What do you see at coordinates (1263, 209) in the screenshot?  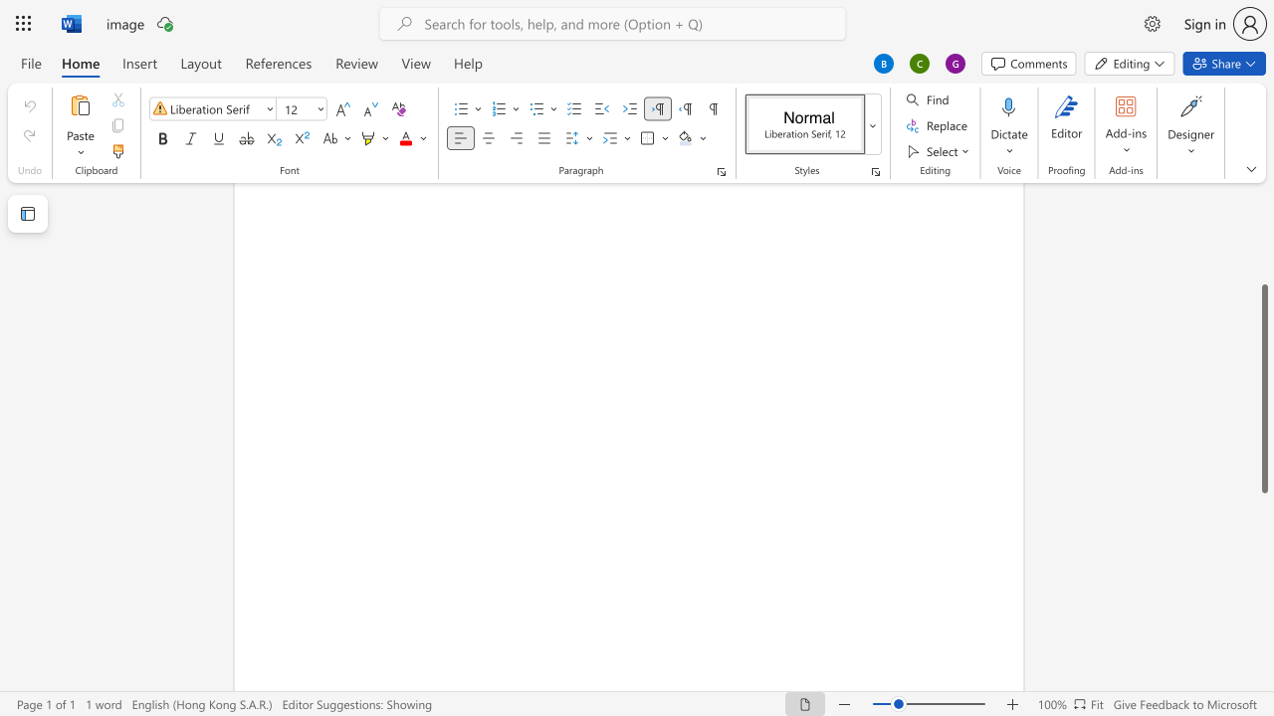 I see `the scrollbar to scroll upward` at bounding box center [1263, 209].